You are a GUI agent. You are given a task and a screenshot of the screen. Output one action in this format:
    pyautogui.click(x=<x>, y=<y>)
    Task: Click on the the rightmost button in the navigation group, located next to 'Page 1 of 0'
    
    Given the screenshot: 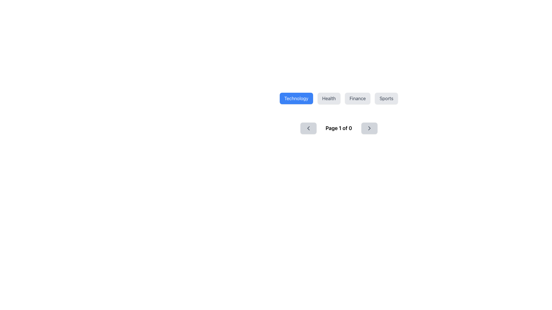 What is the action you would take?
    pyautogui.click(x=369, y=128)
    